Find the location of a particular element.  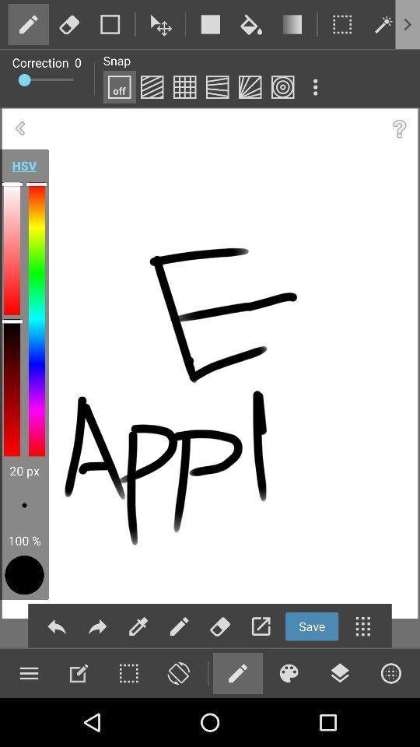

the edit icon is located at coordinates (138, 626).